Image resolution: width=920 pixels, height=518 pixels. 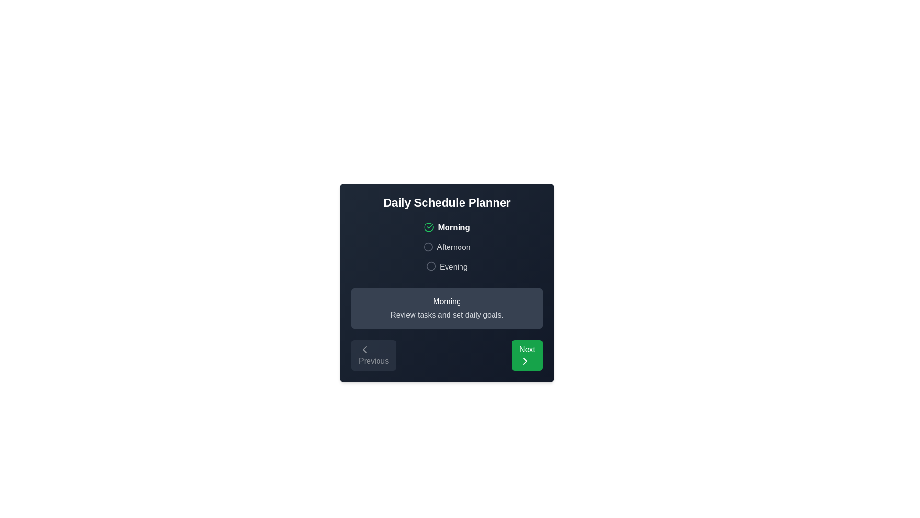 What do you see at coordinates (430, 226) in the screenshot?
I see `the green checkmark icon indicating that the 'Morning' option is selected in the 'Daily Schedule Planner' interface` at bounding box center [430, 226].